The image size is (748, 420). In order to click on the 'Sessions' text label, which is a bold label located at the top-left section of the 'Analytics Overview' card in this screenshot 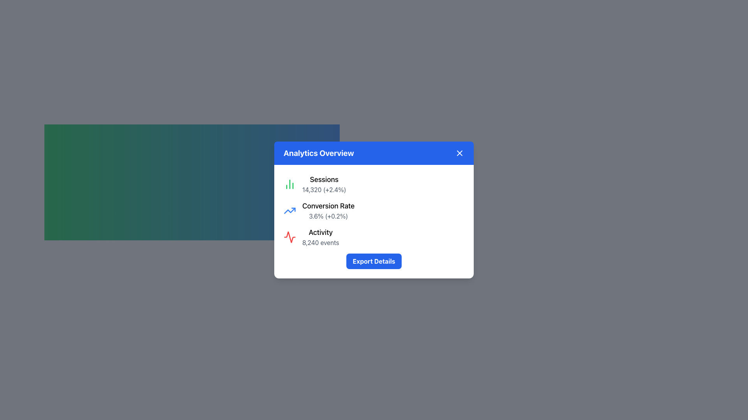, I will do `click(324, 180)`.